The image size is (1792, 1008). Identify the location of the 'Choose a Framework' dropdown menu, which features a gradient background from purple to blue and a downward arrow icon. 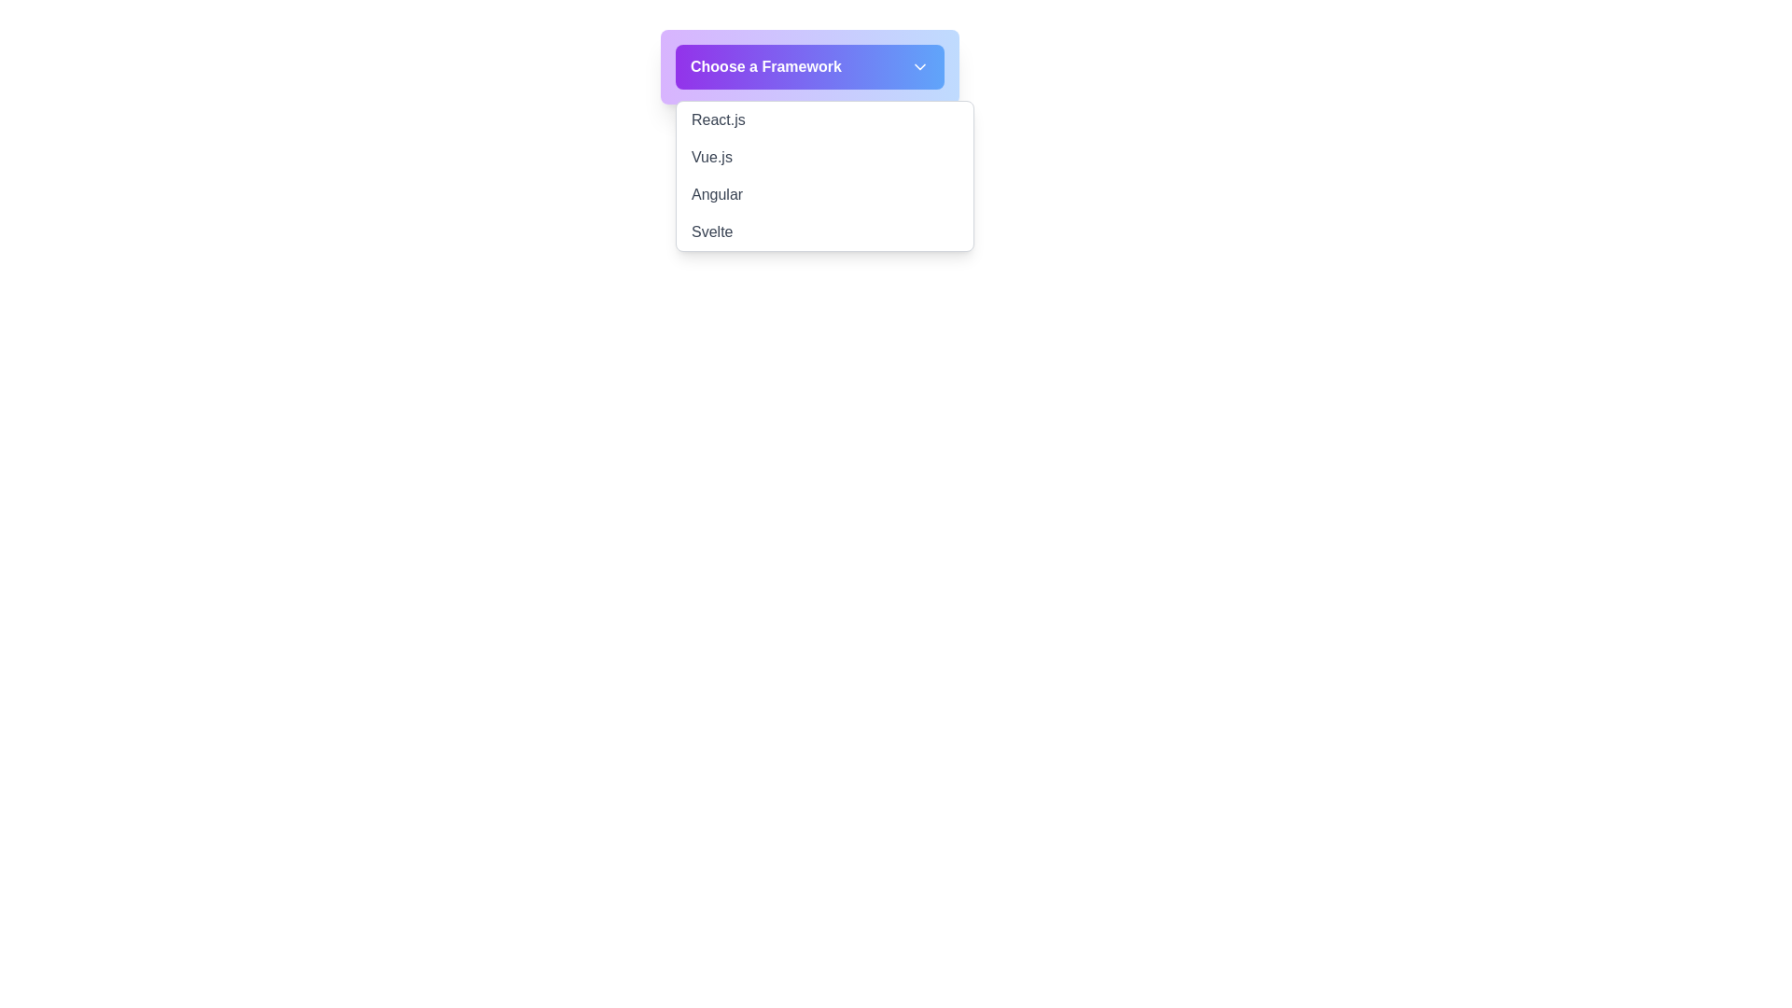
(810, 66).